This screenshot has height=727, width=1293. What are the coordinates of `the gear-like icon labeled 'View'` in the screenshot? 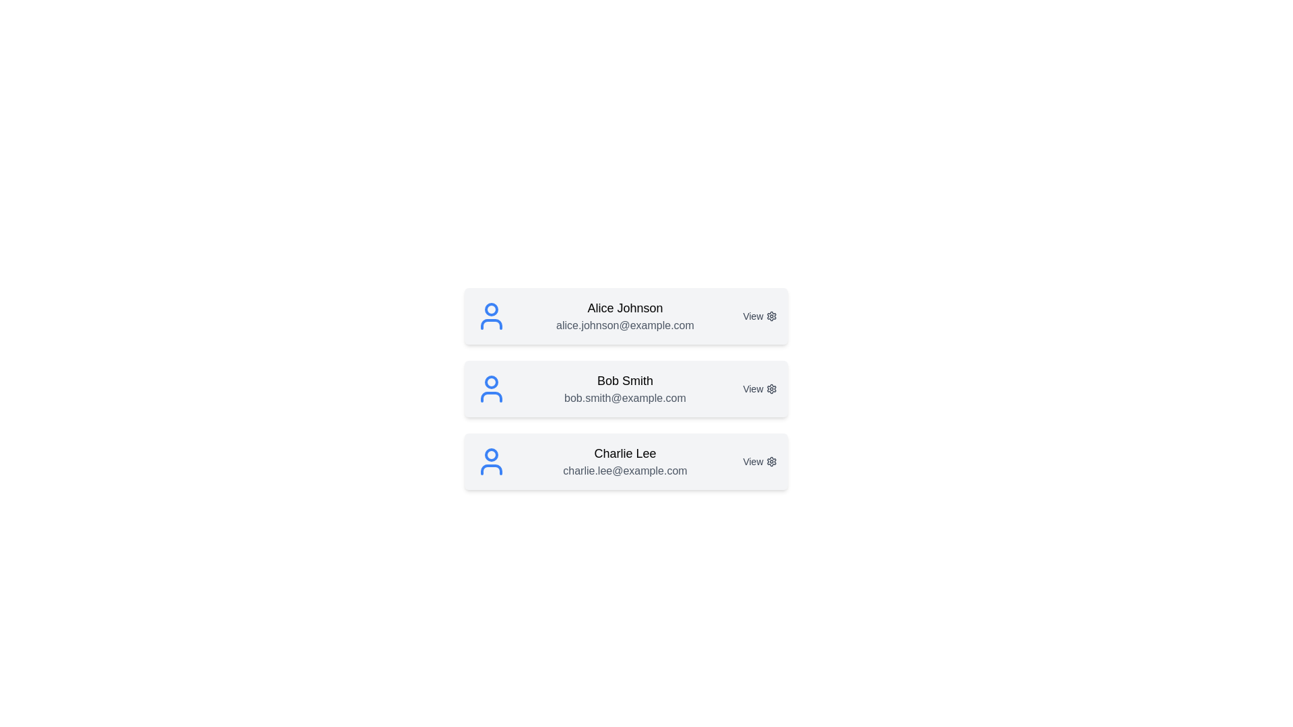 It's located at (771, 389).